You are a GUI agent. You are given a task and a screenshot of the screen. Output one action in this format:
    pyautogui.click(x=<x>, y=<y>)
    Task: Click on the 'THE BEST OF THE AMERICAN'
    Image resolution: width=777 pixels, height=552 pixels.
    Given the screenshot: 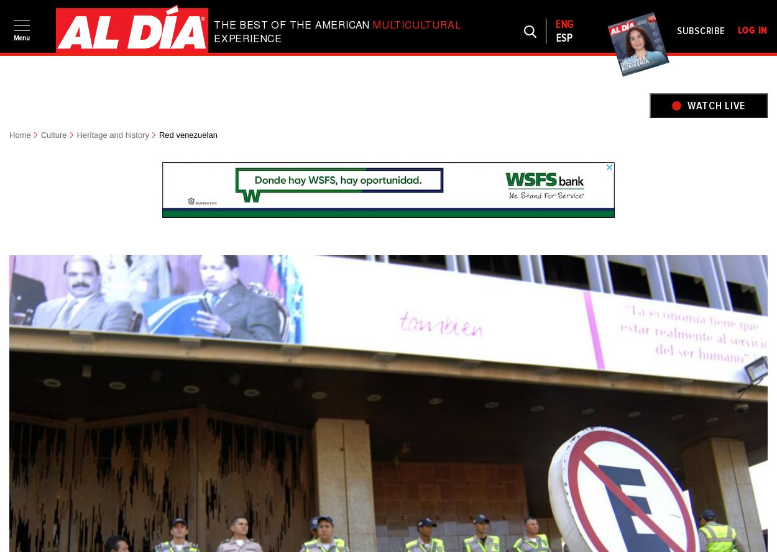 What is the action you would take?
    pyautogui.click(x=213, y=25)
    